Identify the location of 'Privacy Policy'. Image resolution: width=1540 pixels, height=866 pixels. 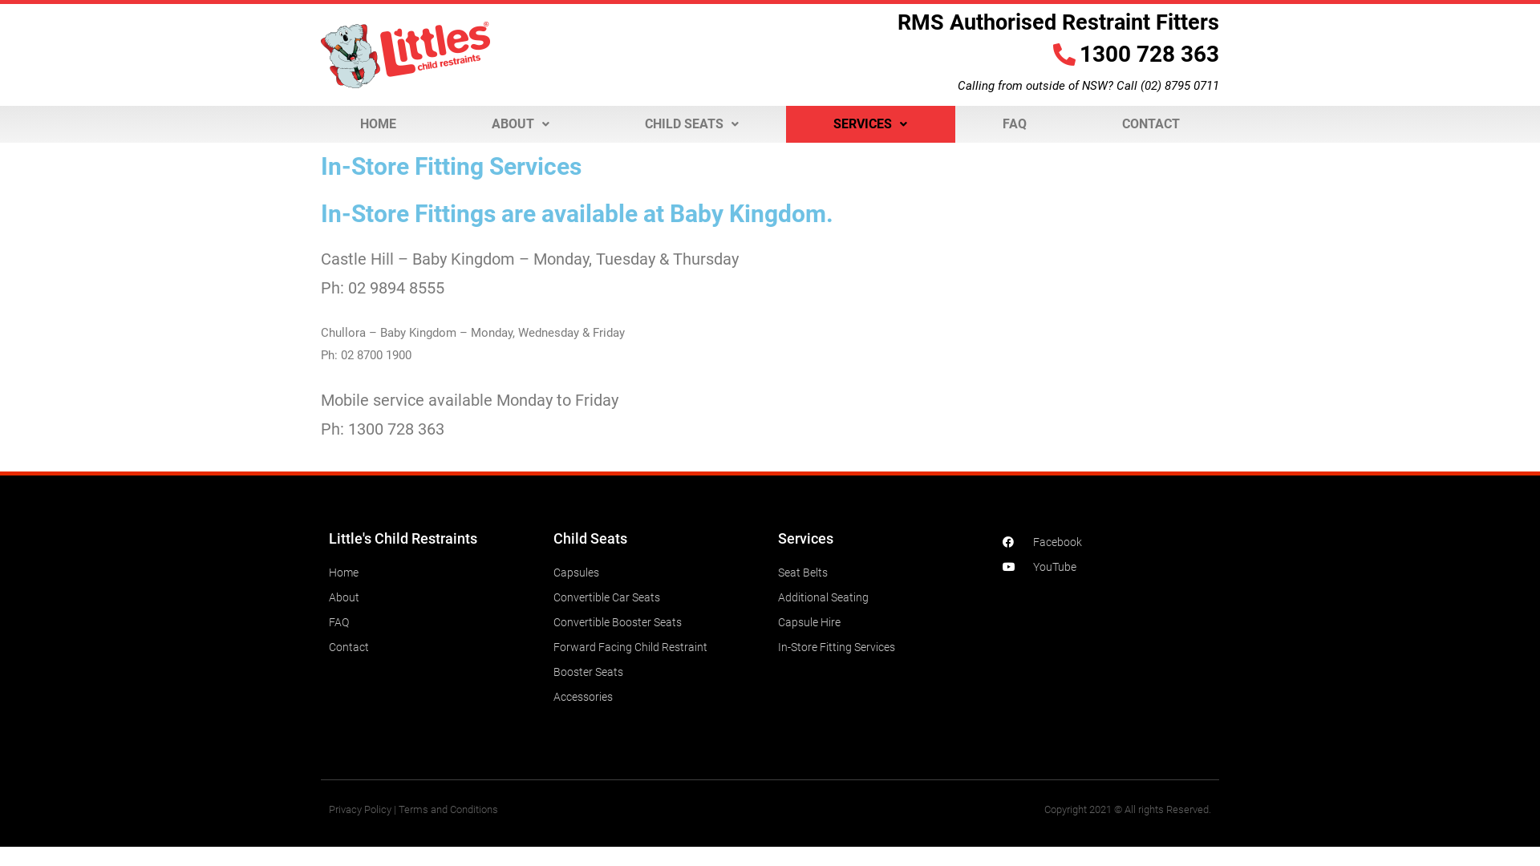
(359, 809).